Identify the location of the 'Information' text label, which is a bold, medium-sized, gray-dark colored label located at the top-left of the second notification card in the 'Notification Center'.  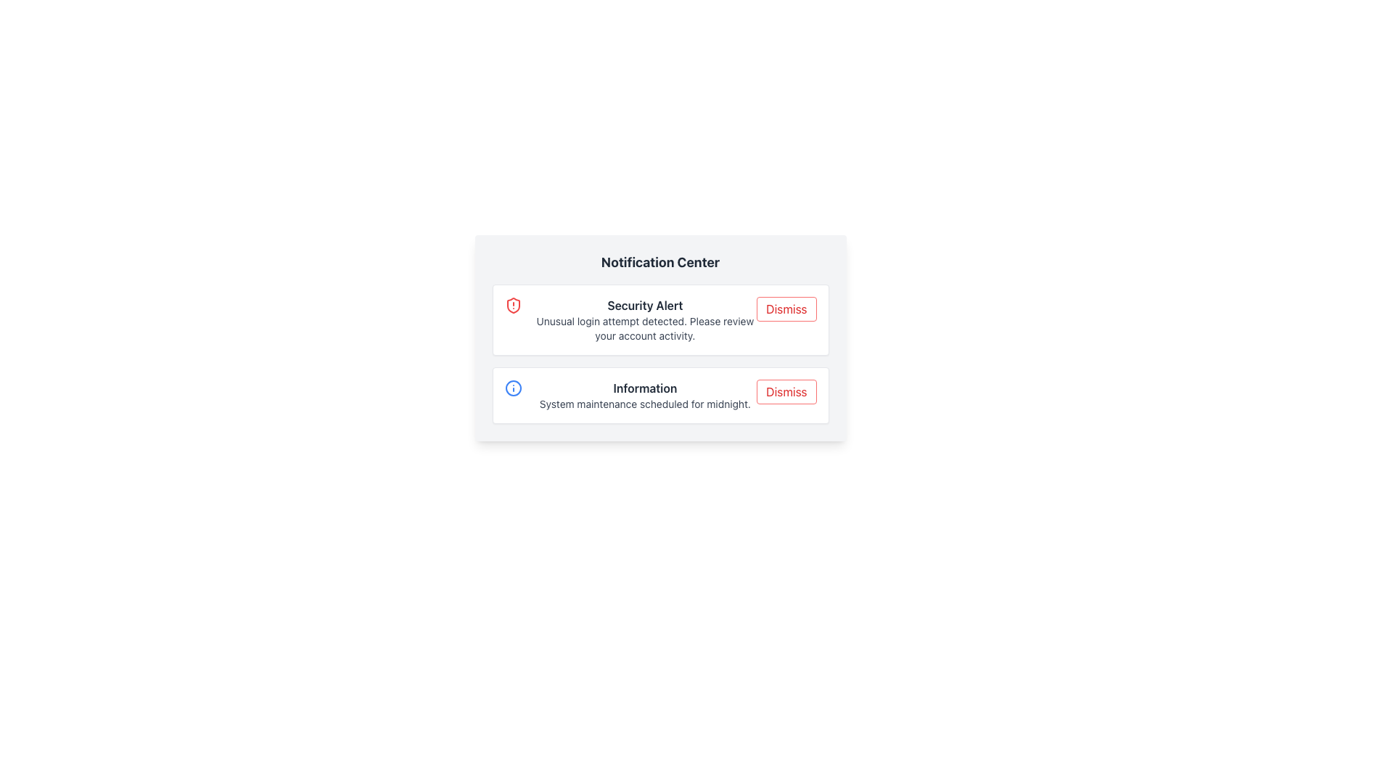
(644, 388).